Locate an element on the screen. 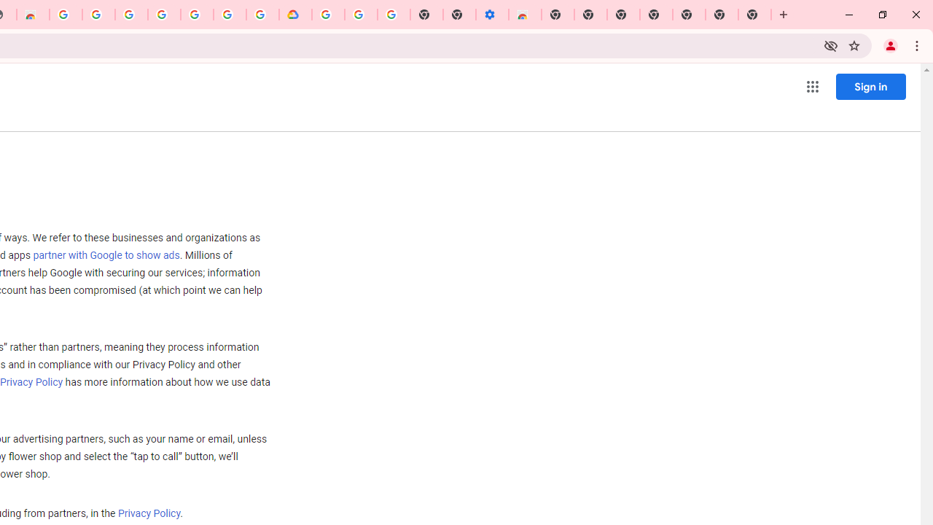 This screenshot has height=525, width=933. 'partner with Google to show ads' is located at coordinates (105, 255).